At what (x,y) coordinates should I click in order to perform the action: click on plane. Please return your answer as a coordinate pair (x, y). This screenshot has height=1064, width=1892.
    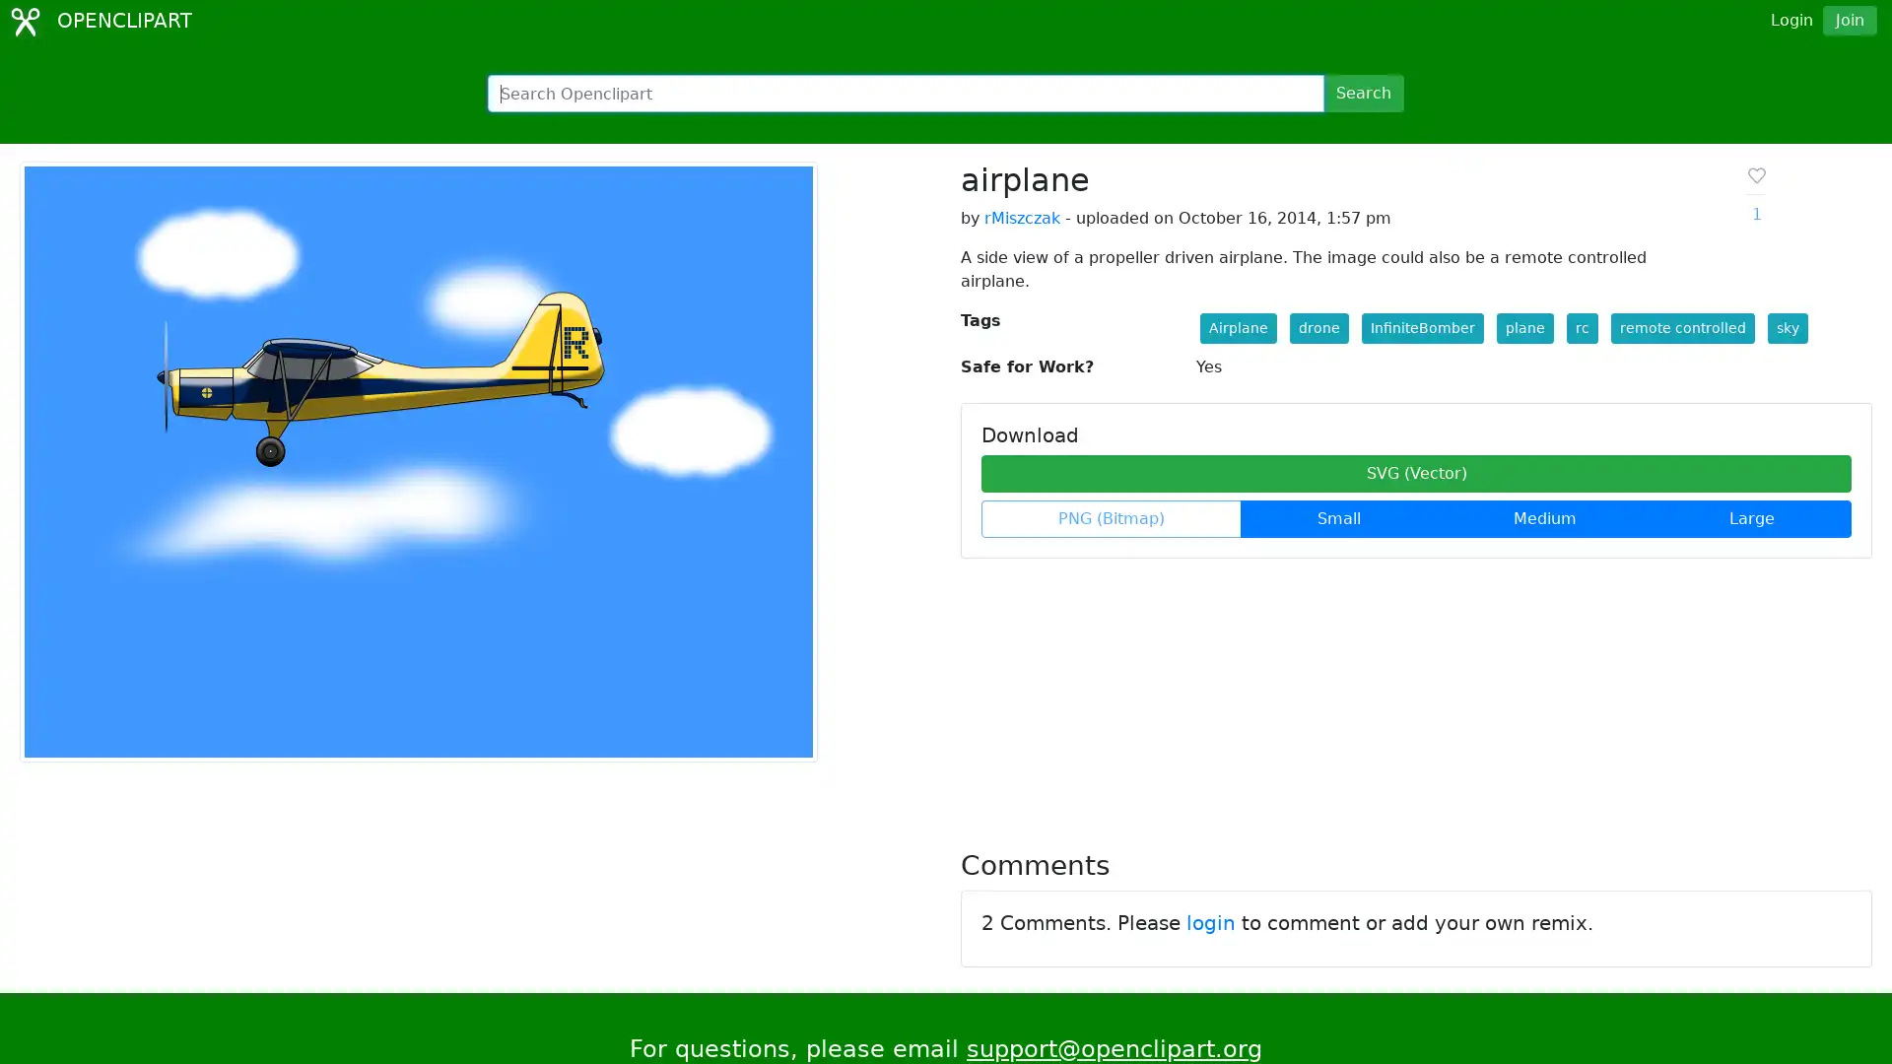
    Looking at the image, I should click on (1522, 327).